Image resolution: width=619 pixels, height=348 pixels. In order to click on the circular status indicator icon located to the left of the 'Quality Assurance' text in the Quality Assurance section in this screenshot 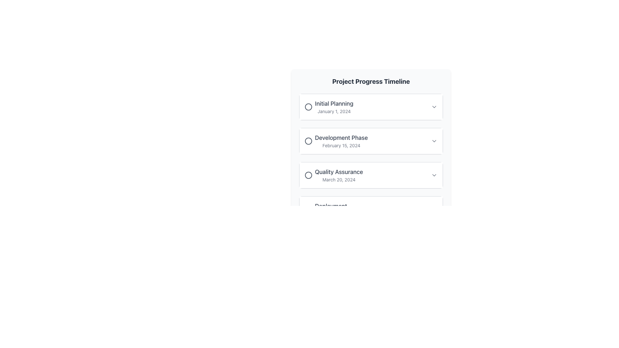, I will do `click(308, 175)`.